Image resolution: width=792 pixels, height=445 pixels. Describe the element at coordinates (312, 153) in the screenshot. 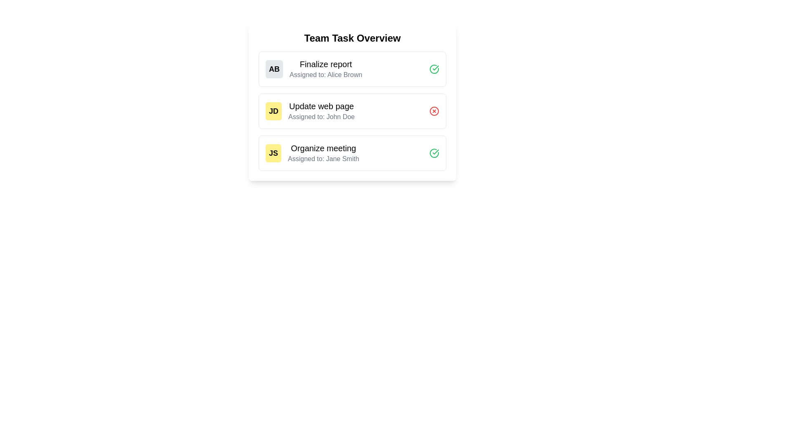

I see `the Structured task item labeled 'Organize meeting', which includes the initials 'JS' and the assigned user 'Jane Smith'` at that location.